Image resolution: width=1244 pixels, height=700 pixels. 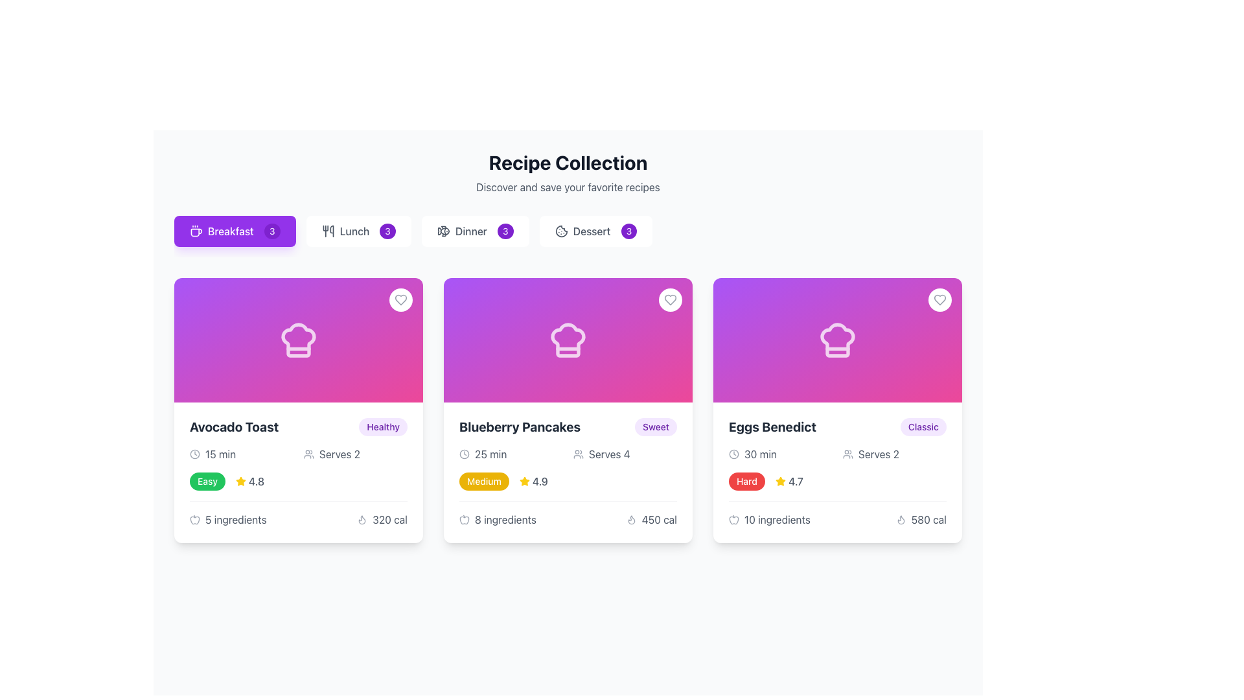 What do you see at coordinates (297, 410) in the screenshot?
I see `the recipe card for 'Avocado Toast' located` at bounding box center [297, 410].